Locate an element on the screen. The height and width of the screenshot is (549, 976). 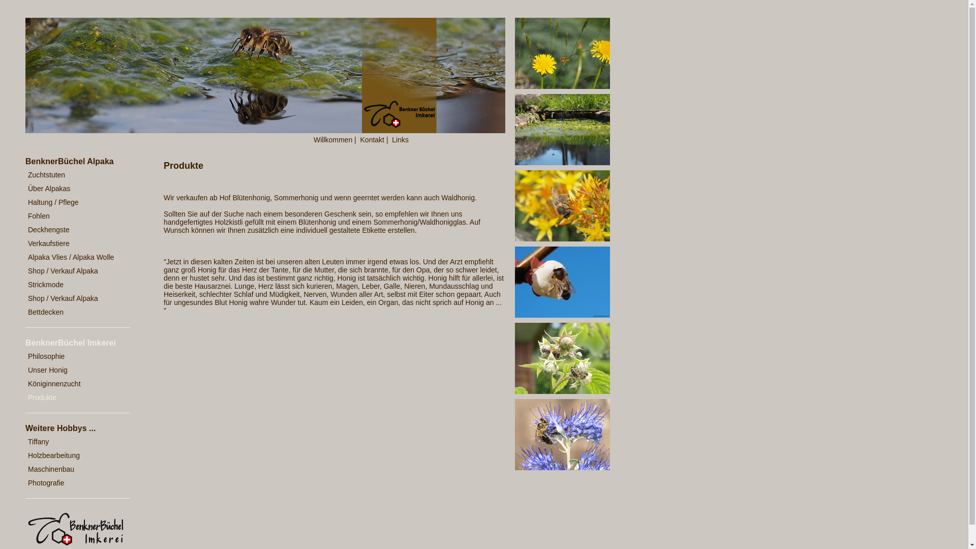
'Kontakt' is located at coordinates (372, 139).